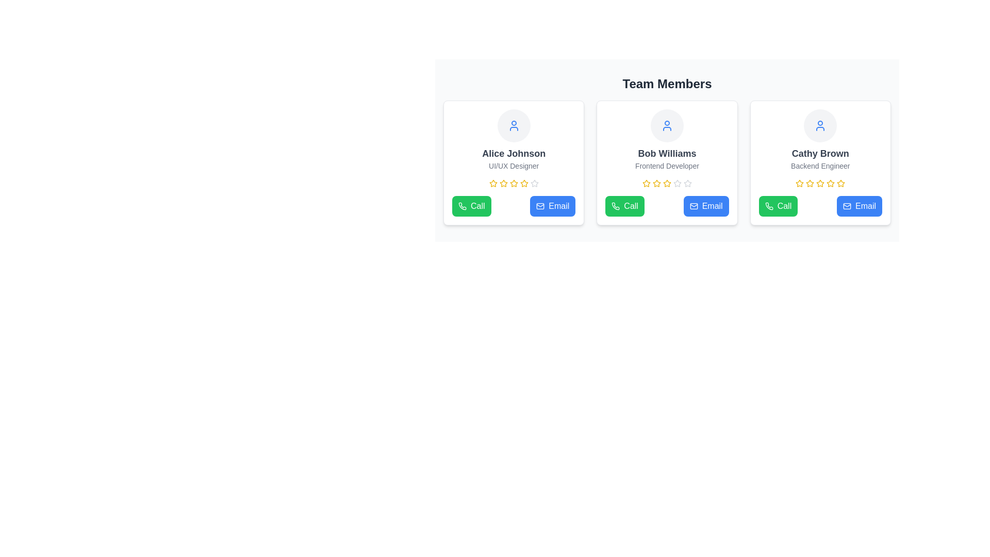  Describe the element at coordinates (831, 183) in the screenshot. I see `the second star rating icon for Cathy Brown to adjust the rating` at that location.